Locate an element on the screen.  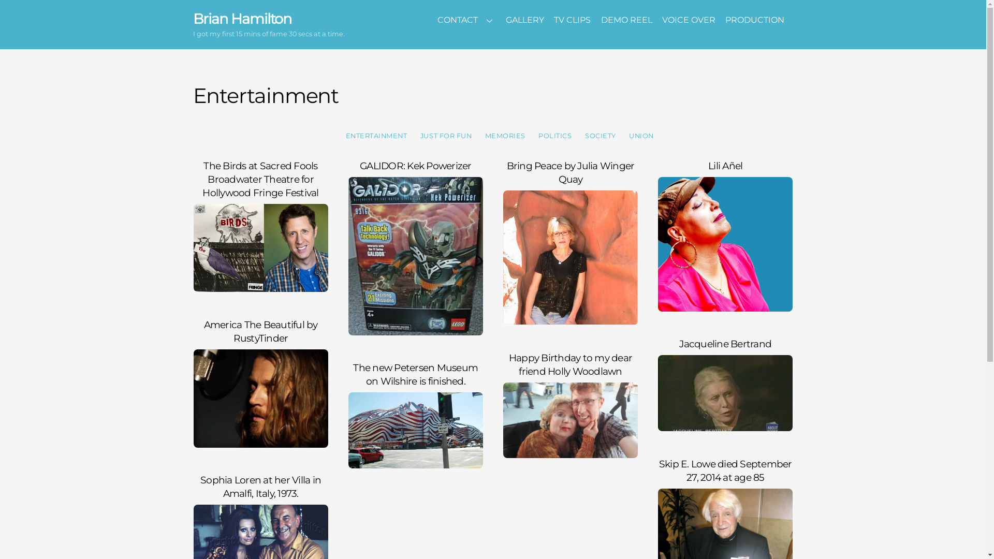
'ENTERTAINMENT' is located at coordinates (375, 135).